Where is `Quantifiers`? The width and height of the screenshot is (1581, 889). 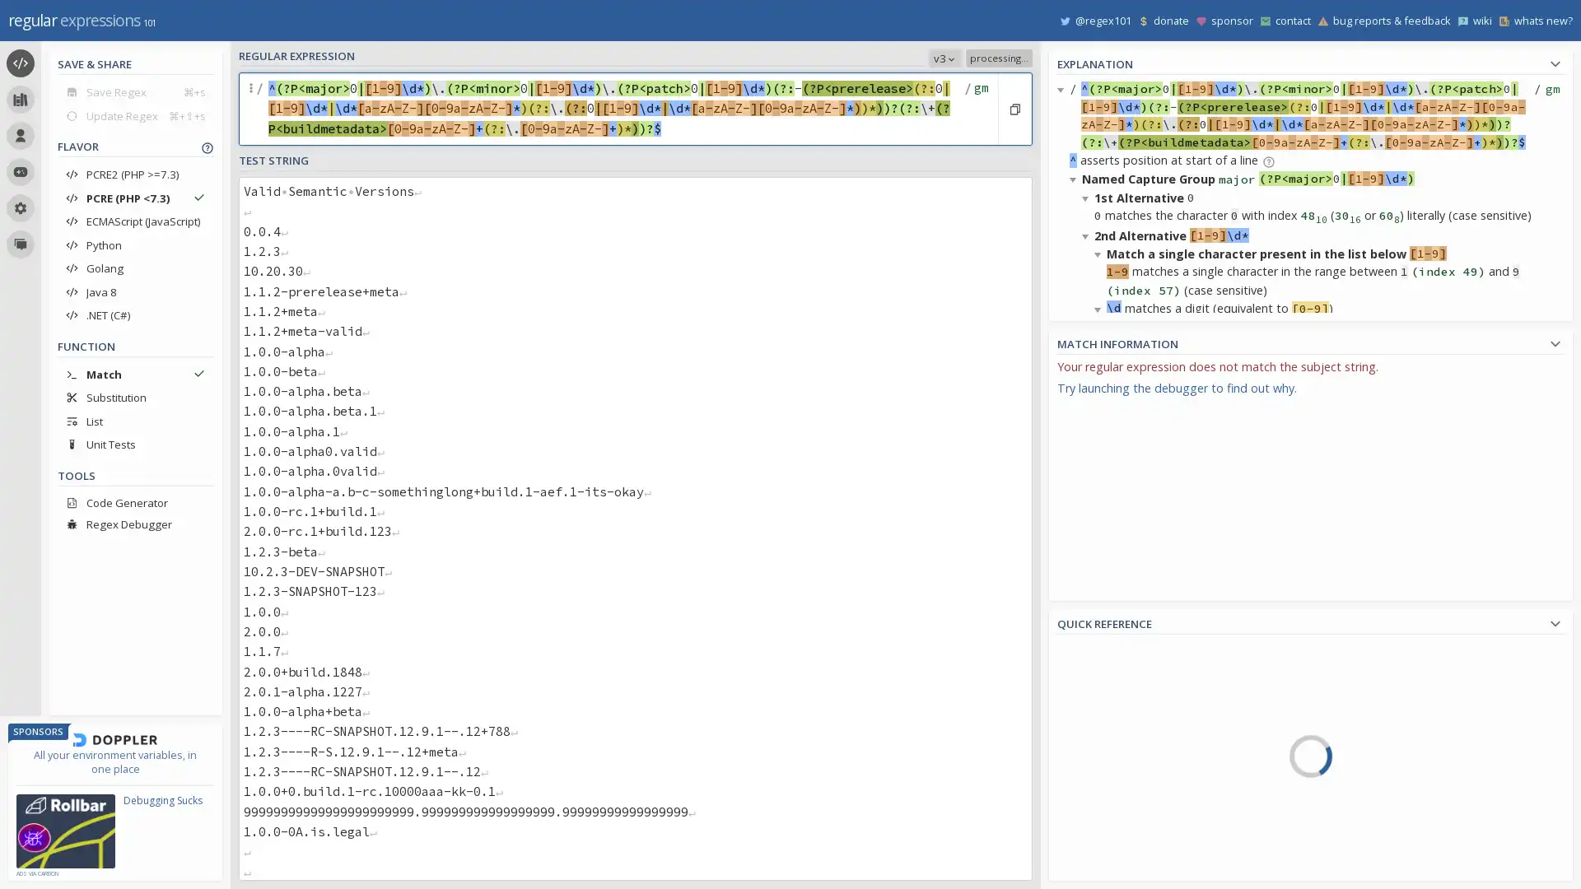 Quantifiers is located at coordinates (1134, 799).